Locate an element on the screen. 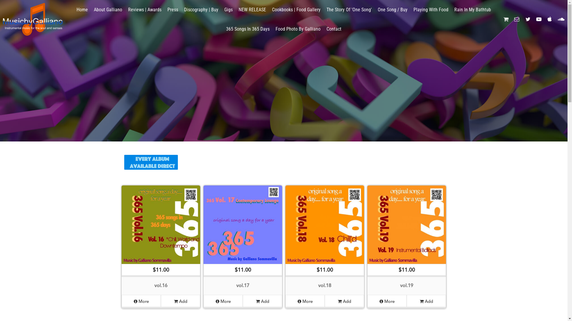 The image size is (572, 321). 'Discography | Buy' is located at coordinates (201, 9).